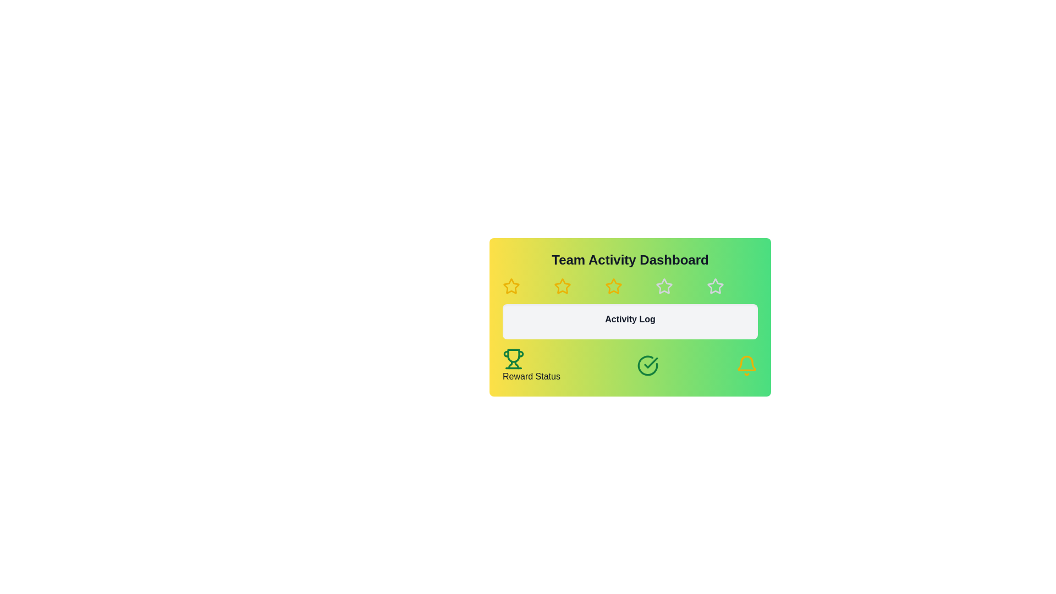  I want to click on the confirmation or success icon located within a circular badge in the lower middle region of the card UI component, so click(651, 362).